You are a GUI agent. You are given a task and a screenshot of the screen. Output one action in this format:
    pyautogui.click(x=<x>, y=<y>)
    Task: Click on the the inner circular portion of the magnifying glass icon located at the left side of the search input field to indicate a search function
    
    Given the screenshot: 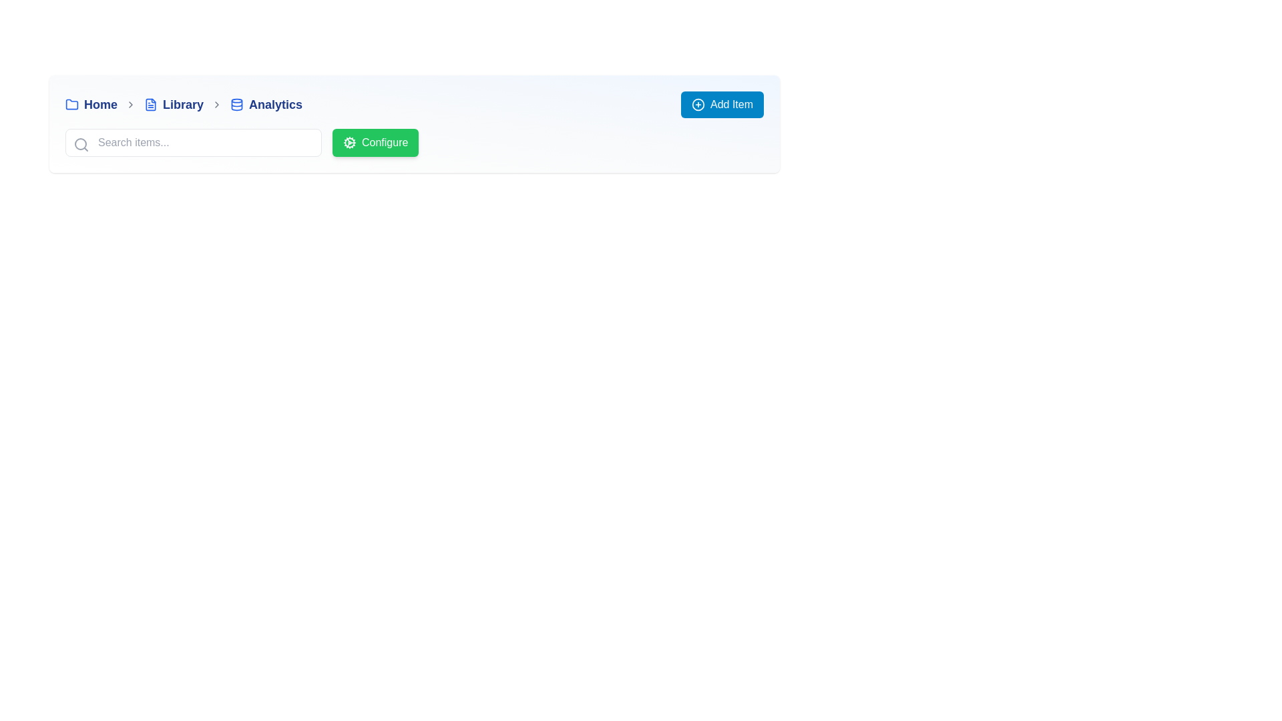 What is the action you would take?
    pyautogui.click(x=79, y=144)
    